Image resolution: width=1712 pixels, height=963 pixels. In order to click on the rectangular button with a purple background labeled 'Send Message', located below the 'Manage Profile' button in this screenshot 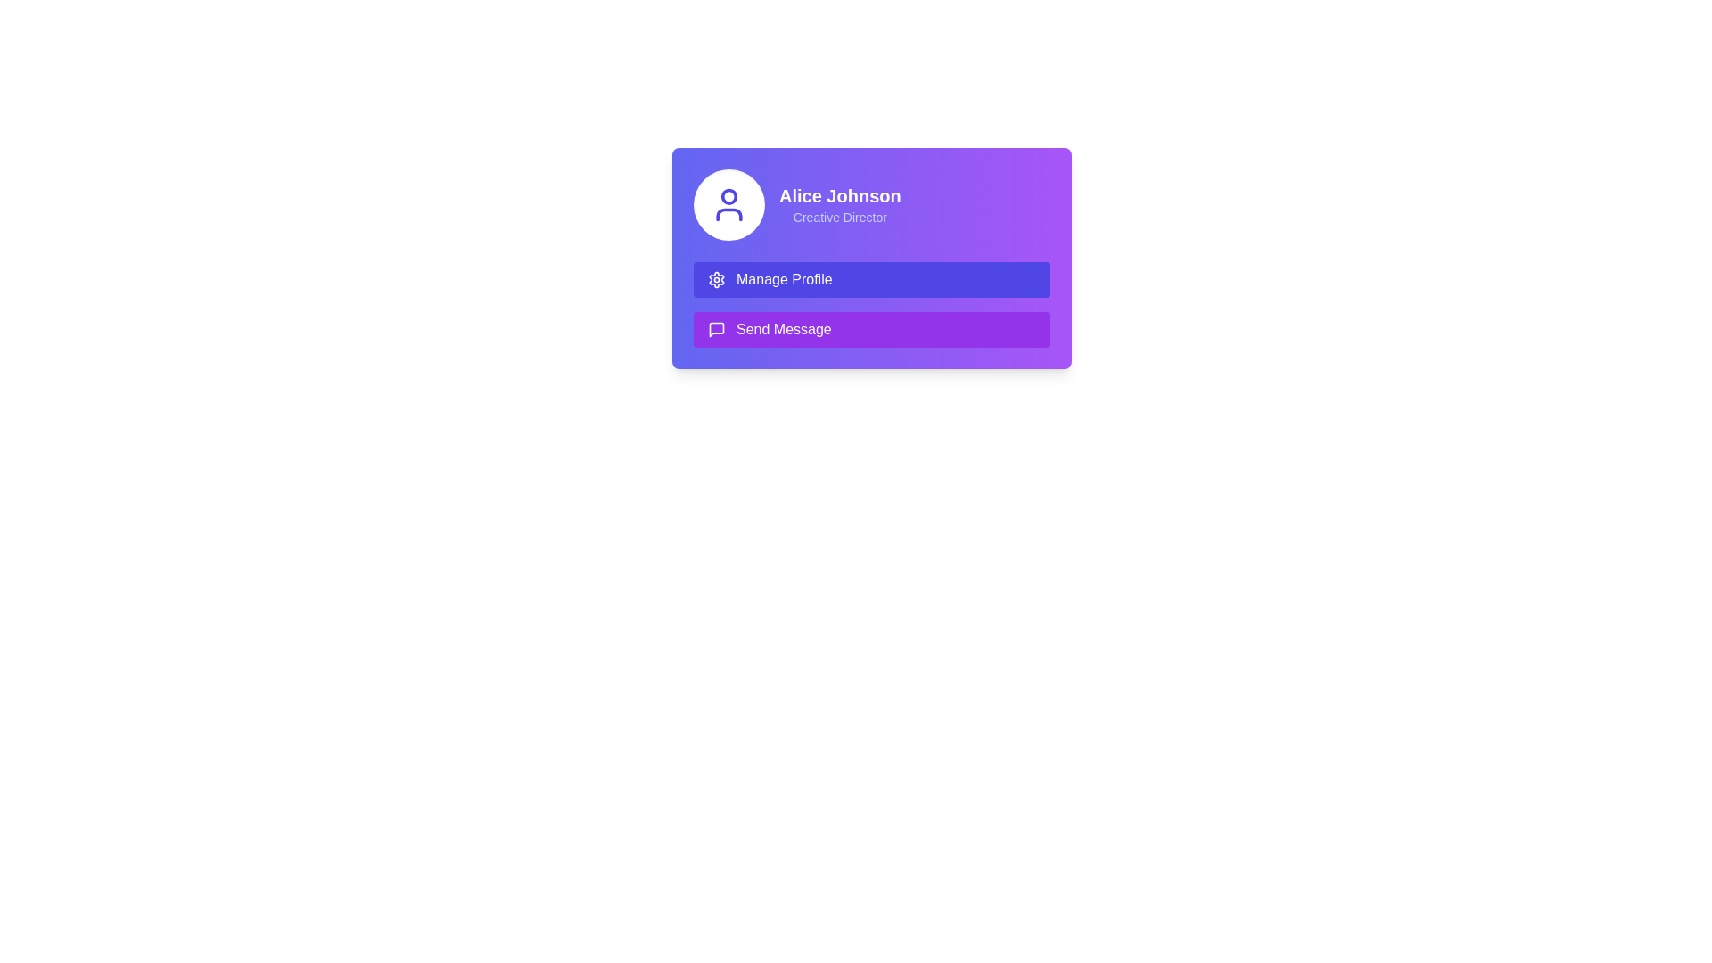, I will do `click(872, 330)`.